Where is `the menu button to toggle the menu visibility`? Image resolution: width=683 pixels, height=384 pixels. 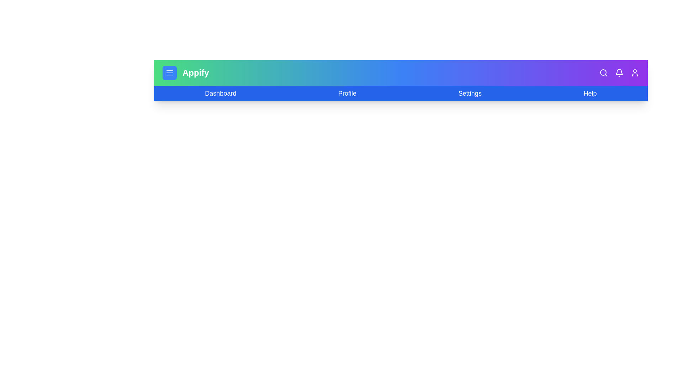 the menu button to toggle the menu visibility is located at coordinates (169, 73).